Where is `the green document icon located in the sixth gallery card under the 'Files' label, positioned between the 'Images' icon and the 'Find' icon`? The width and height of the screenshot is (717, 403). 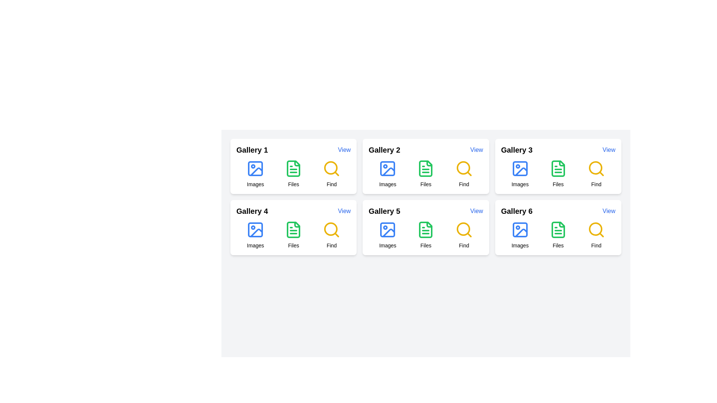
the green document icon located in the sixth gallery card under the 'Files' label, positioned between the 'Images' icon and the 'Find' icon is located at coordinates (558, 229).